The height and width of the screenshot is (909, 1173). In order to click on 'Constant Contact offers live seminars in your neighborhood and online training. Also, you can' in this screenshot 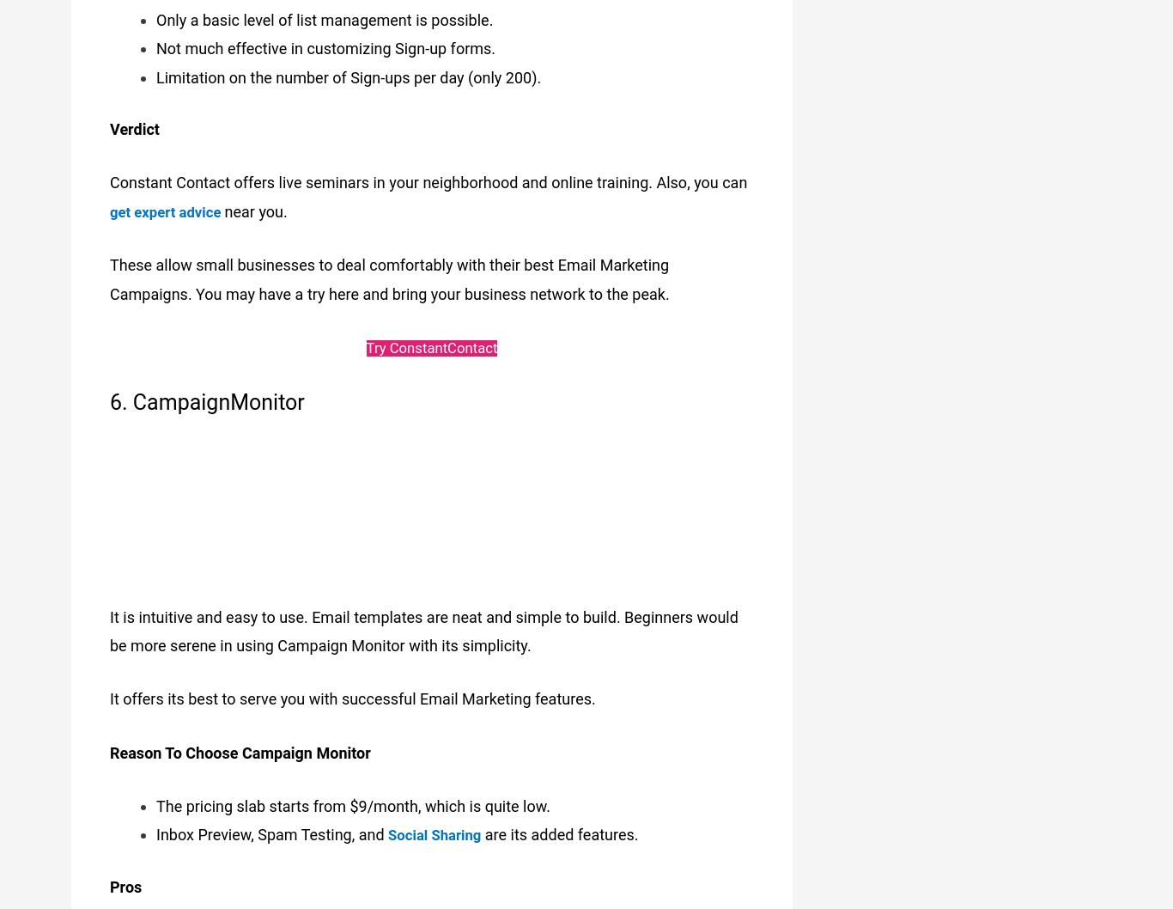, I will do `click(428, 174)`.